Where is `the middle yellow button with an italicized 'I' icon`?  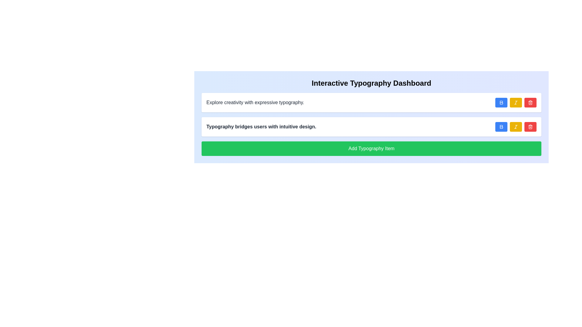 the middle yellow button with an italicized 'I' icon is located at coordinates (516, 127).